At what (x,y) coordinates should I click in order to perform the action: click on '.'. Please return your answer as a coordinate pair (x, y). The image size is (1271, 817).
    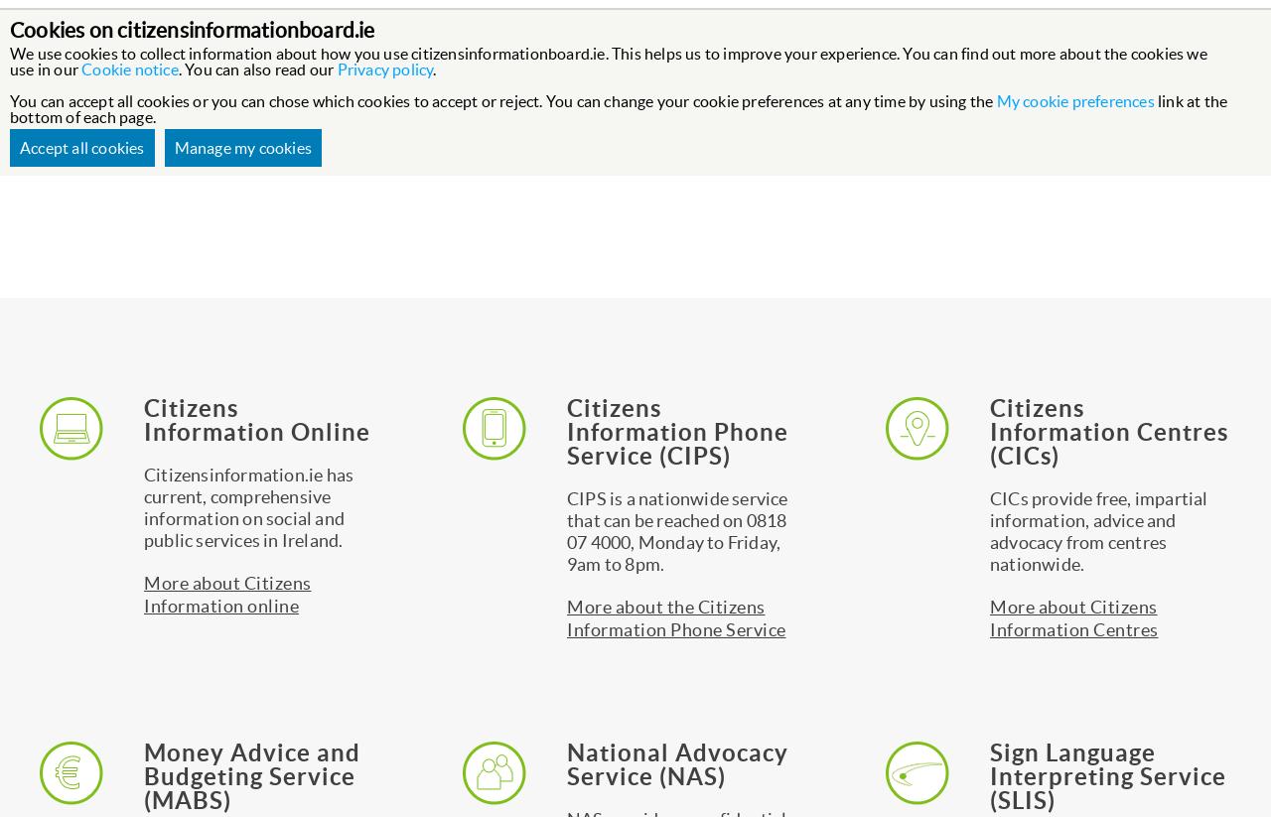
    Looking at the image, I should click on (433, 69).